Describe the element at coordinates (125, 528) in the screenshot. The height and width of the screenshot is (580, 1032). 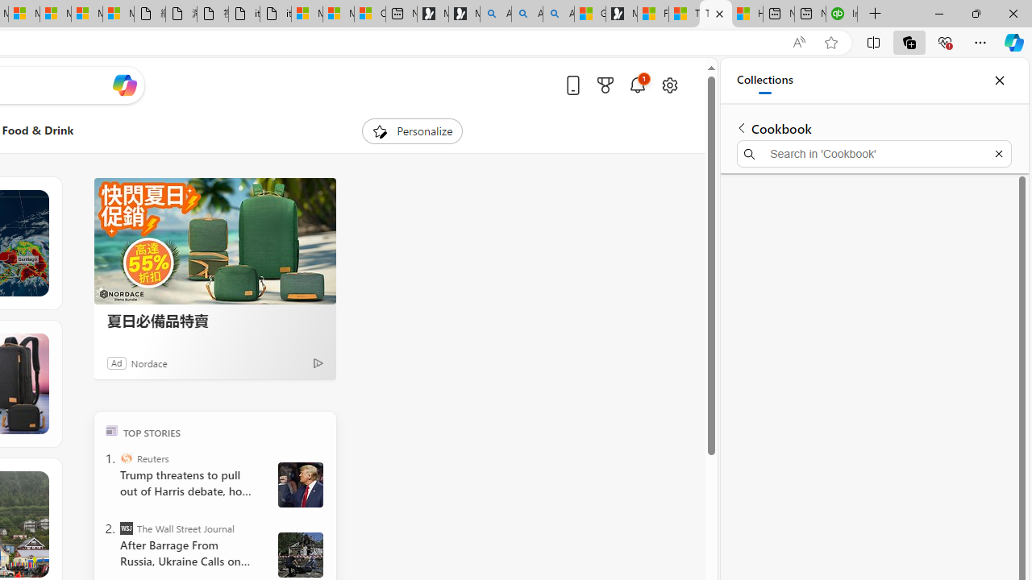
I see `'The Wall Street Journal'` at that location.